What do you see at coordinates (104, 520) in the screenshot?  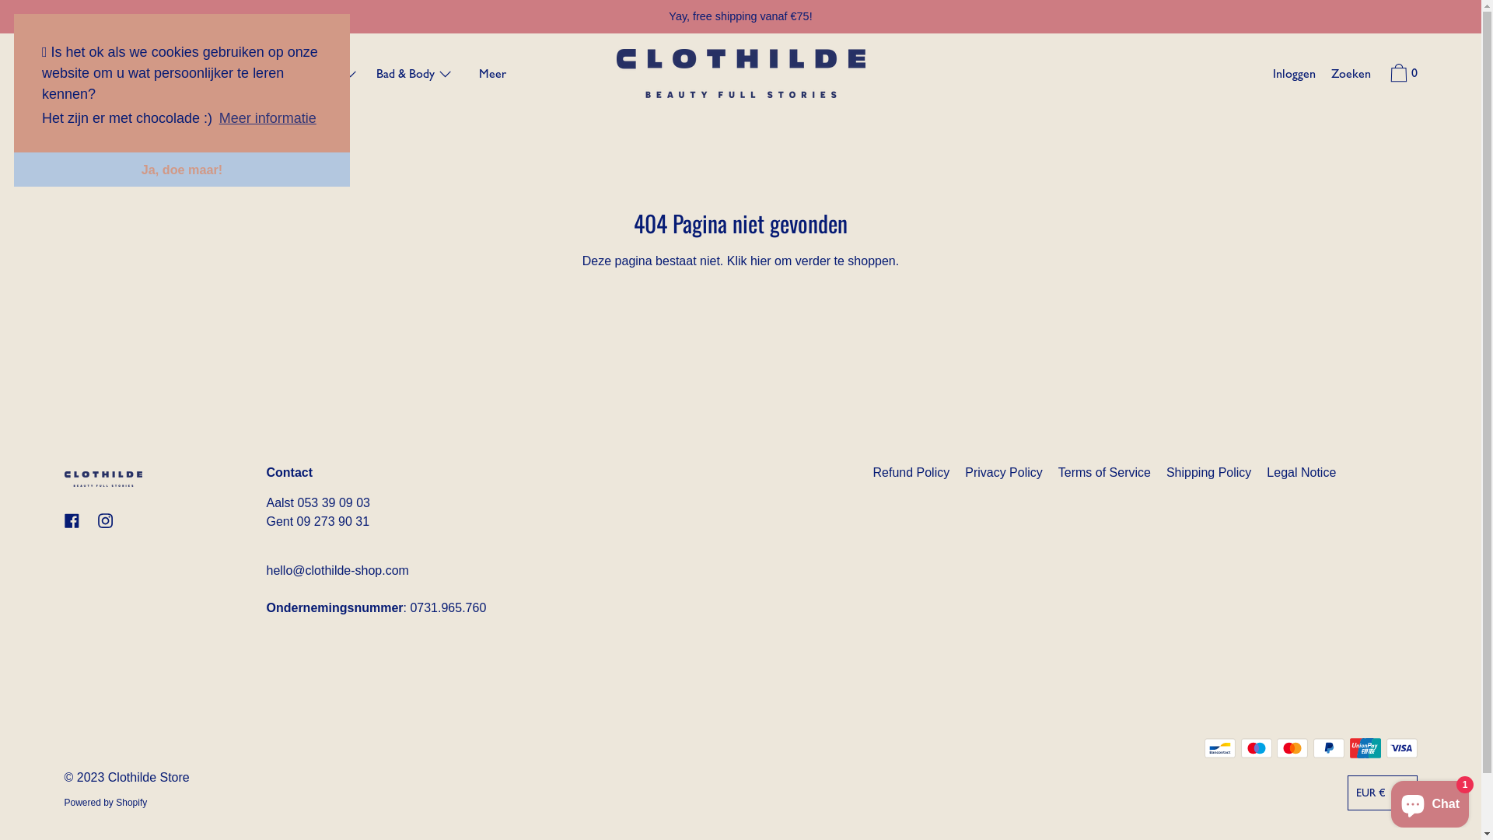 I see `'Instagram'` at bounding box center [104, 520].